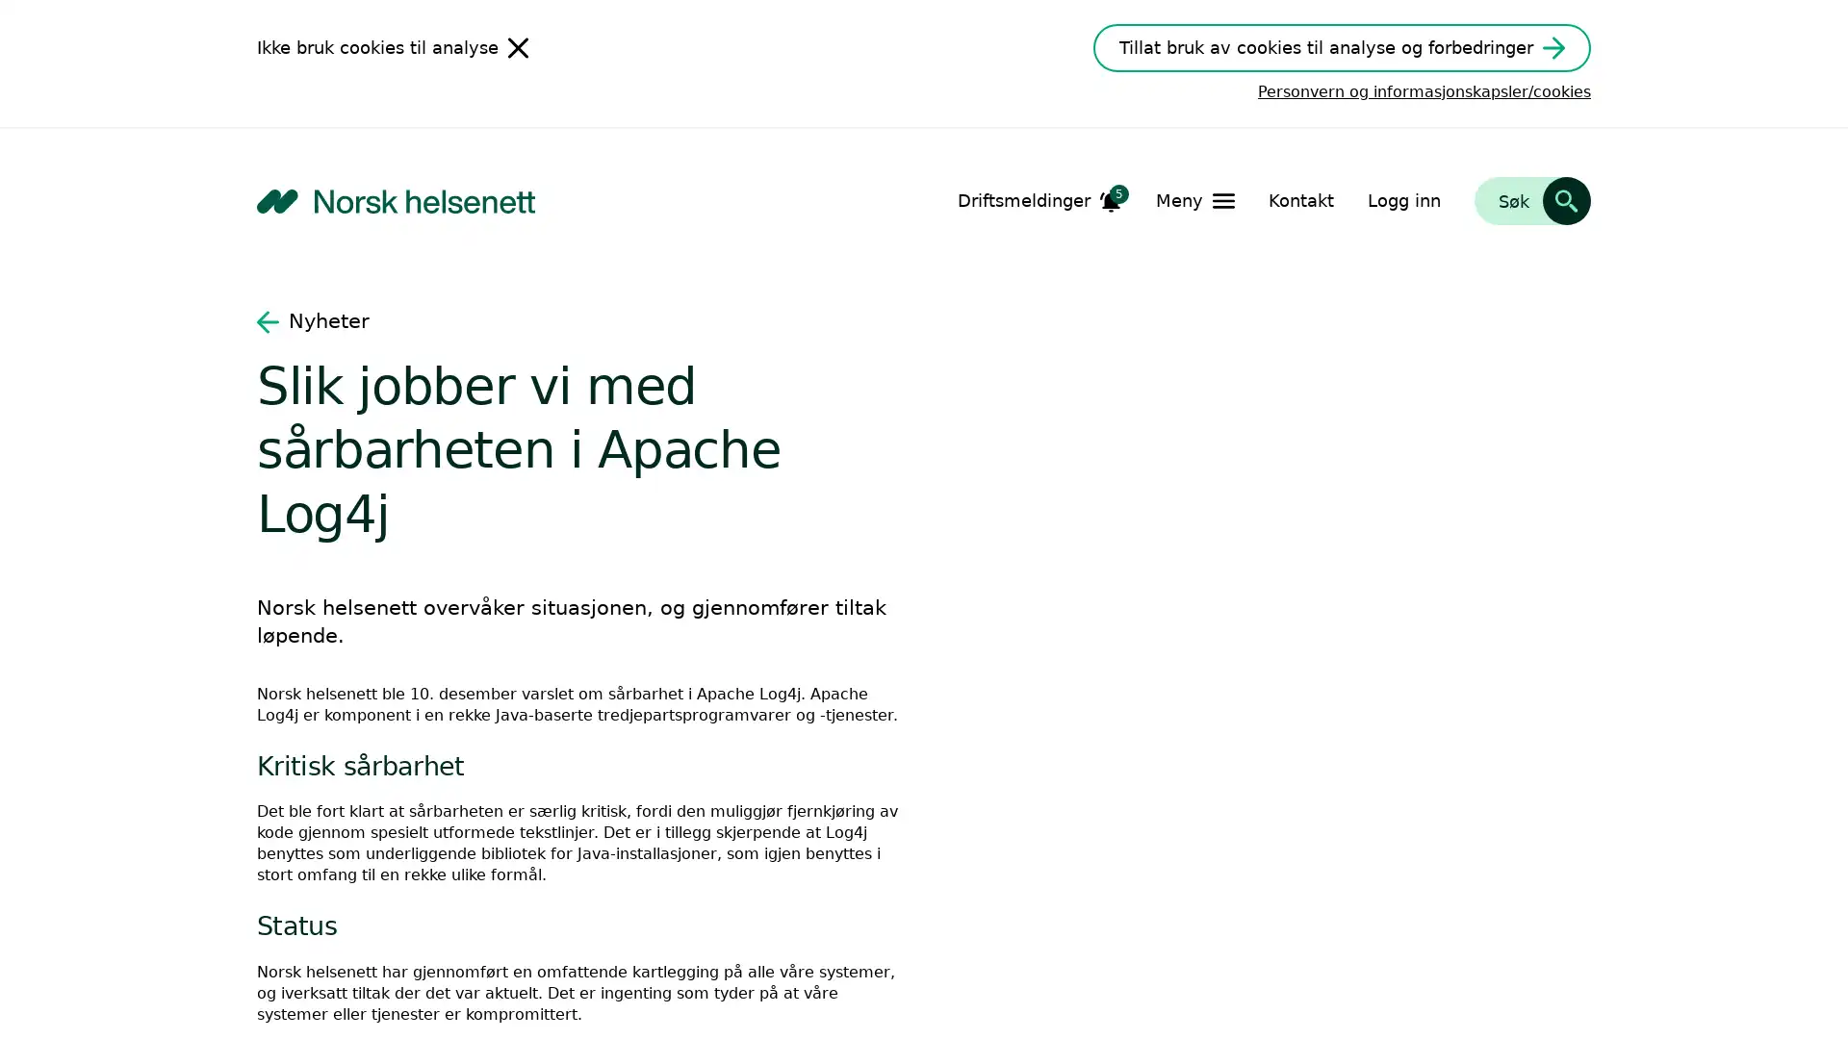 The image size is (1848, 1039). Describe the element at coordinates (392, 47) in the screenshot. I see `Ikke bruk cookies til analyse` at that location.